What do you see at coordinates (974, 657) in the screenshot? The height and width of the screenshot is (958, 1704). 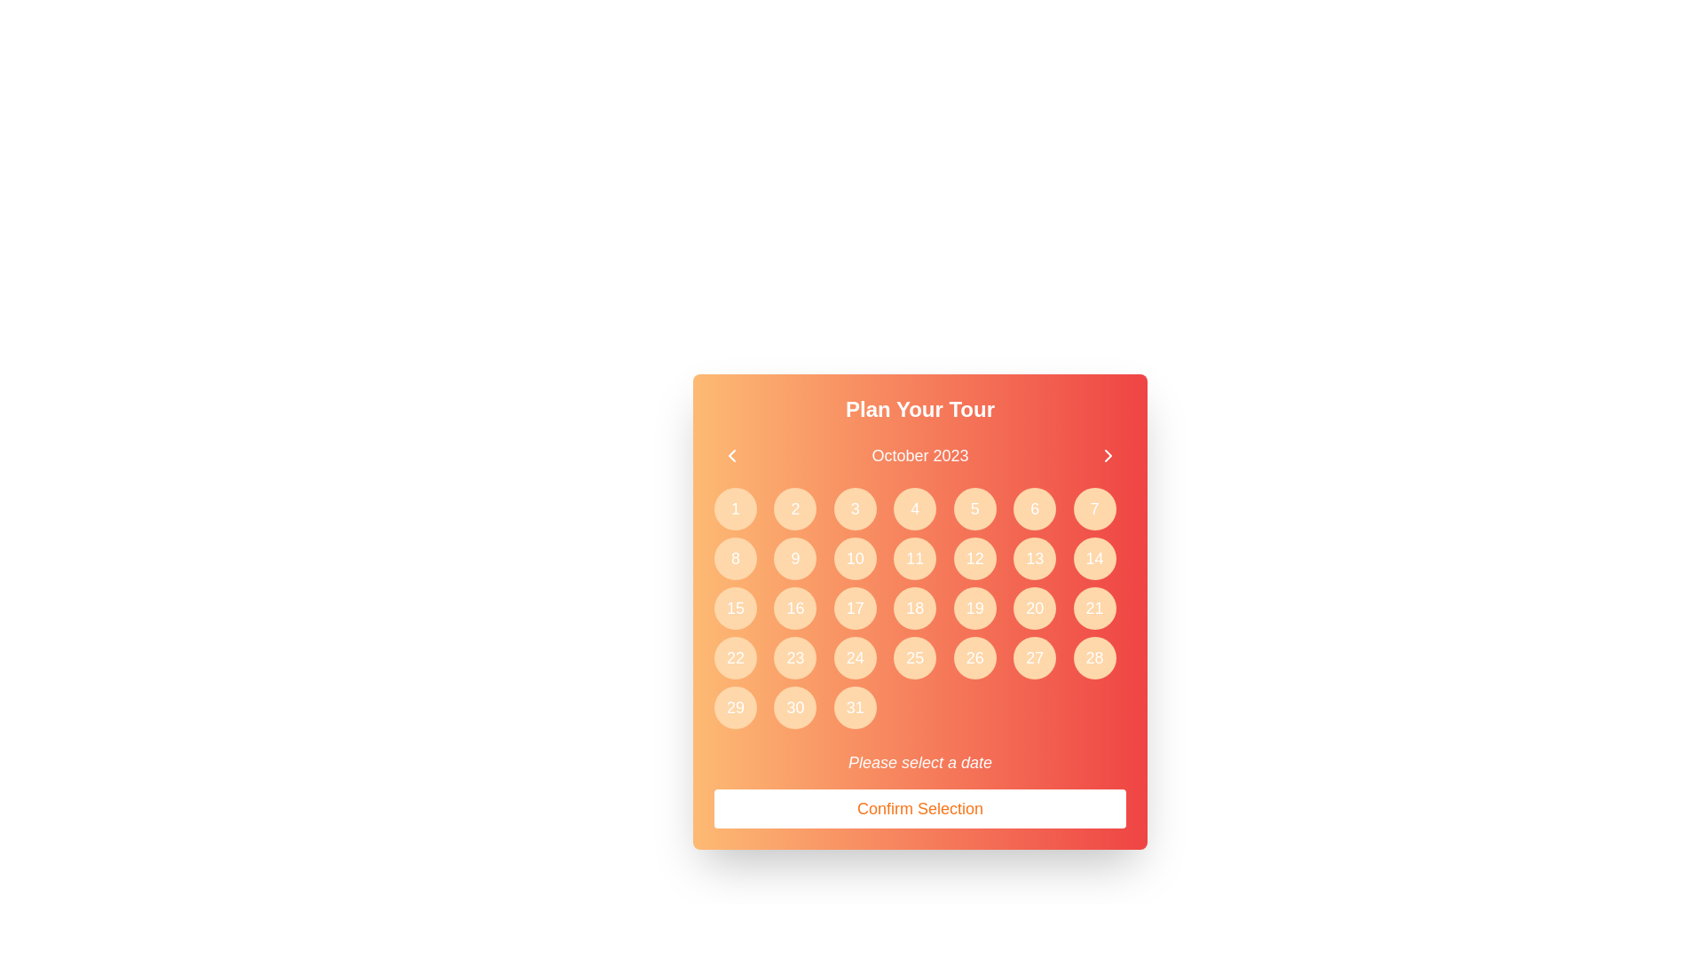 I see `the button representing the 26th day of the month in the calendar interface` at bounding box center [974, 657].